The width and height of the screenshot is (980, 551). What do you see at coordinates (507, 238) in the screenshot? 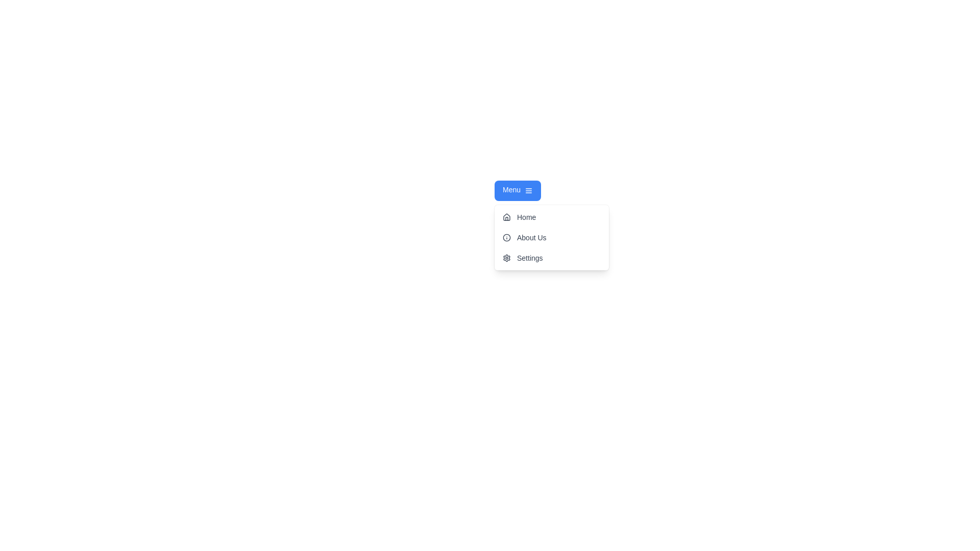
I see `the informational icon associated with the 'About Us' menu item, which is the leftmost icon in the dropdown menu triggered by the 'Menu' button` at bounding box center [507, 238].